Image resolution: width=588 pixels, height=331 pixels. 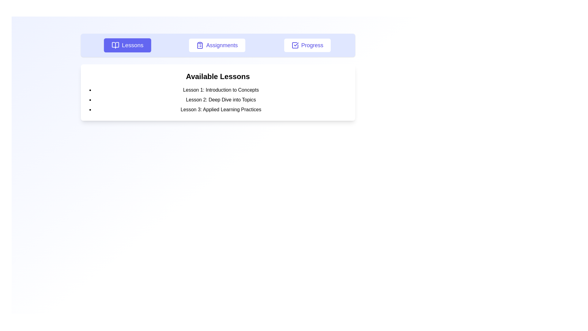 What do you see at coordinates (221, 45) in the screenshot?
I see `the label indicating the currently selected navigation option, which is the second element in the horizontal menu between 'Lessons' and 'Progress'` at bounding box center [221, 45].